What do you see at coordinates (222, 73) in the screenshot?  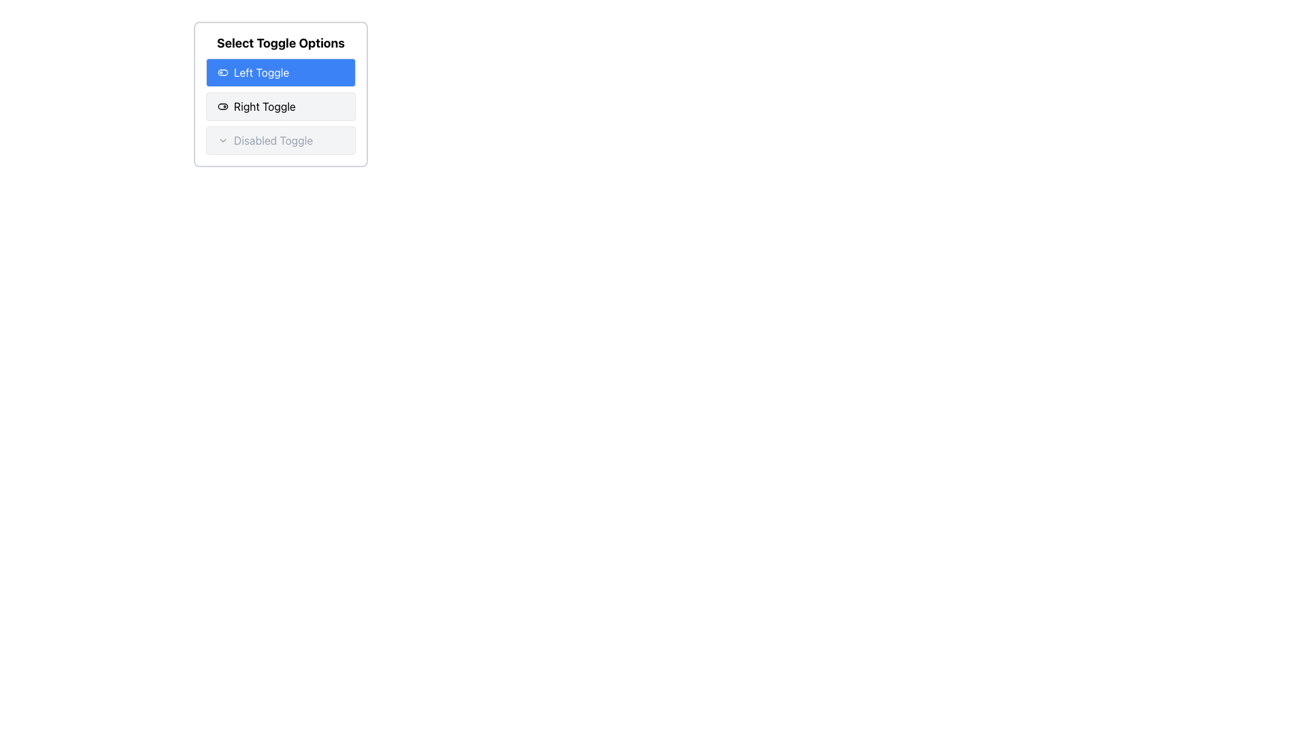 I see `the visual state of the toggle icon representing the 'Left Toggle' button in the 'Select Toggle Options' series` at bounding box center [222, 73].